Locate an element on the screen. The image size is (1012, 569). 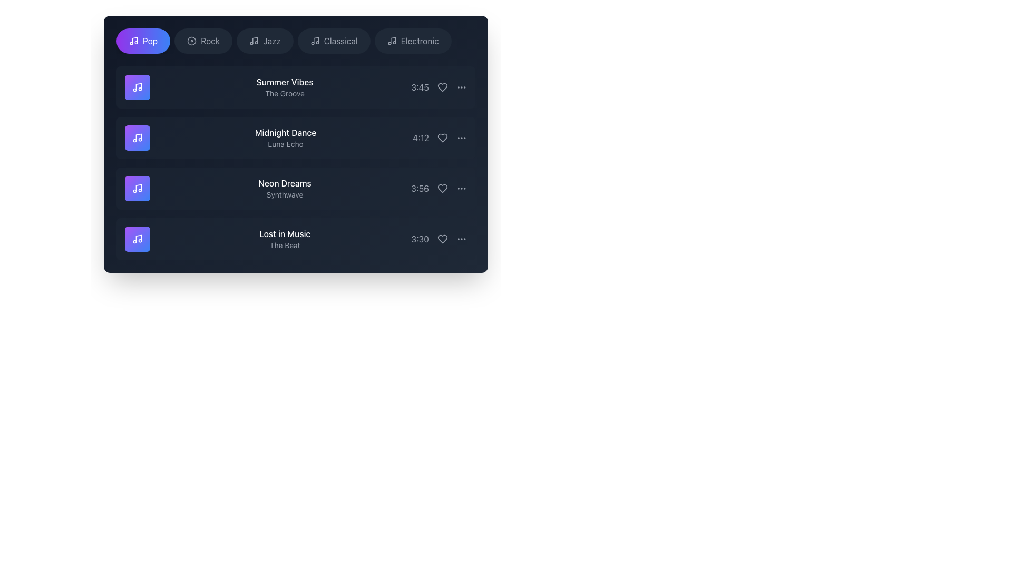
the musical note icon with a white stroke, which is part of the third row in a list, located to the left of the text 'Neon Dreams' and 'Synthwave' is located at coordinates (137, 188).